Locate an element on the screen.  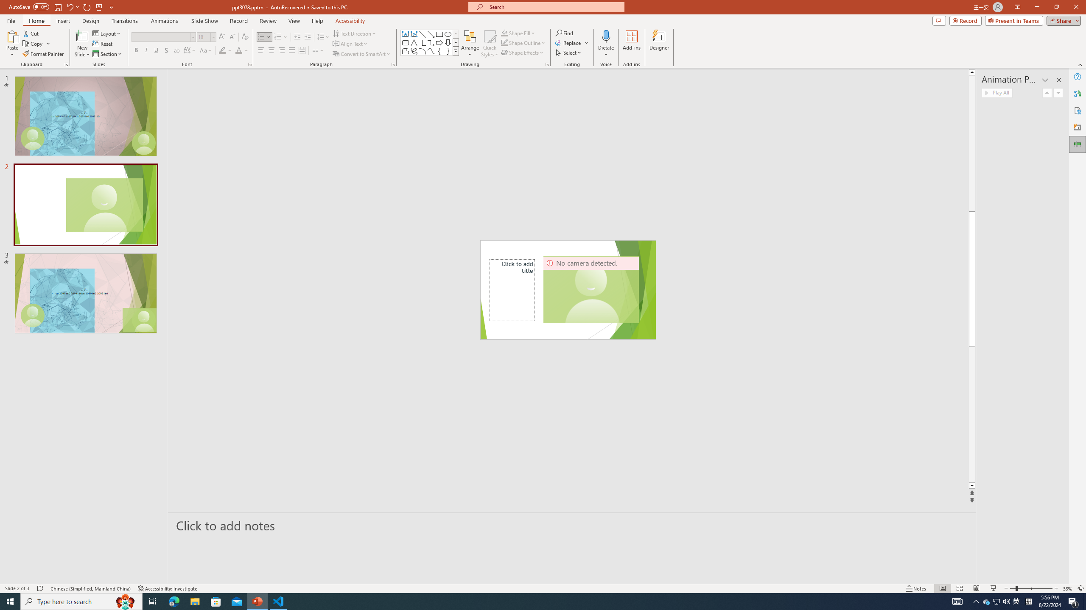
'Align Left' is located at coordinates (261, 50).